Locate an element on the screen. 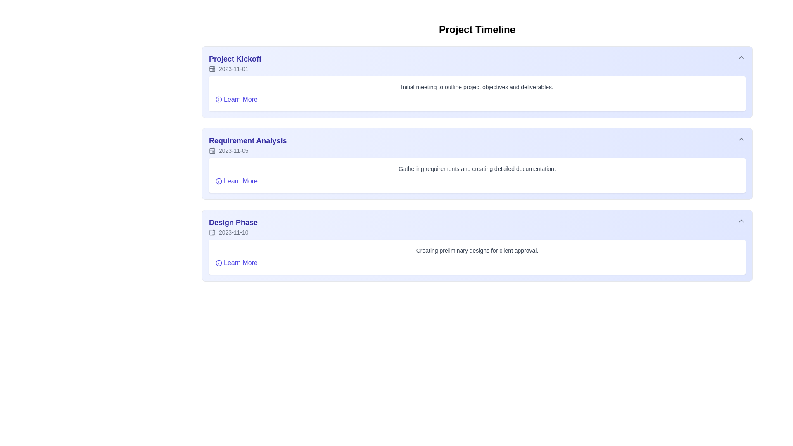  the upward-pointing chevron icon button located at the far right of the 'Design Phase' section for keyboard navigation is located at coordinates (741, 221).